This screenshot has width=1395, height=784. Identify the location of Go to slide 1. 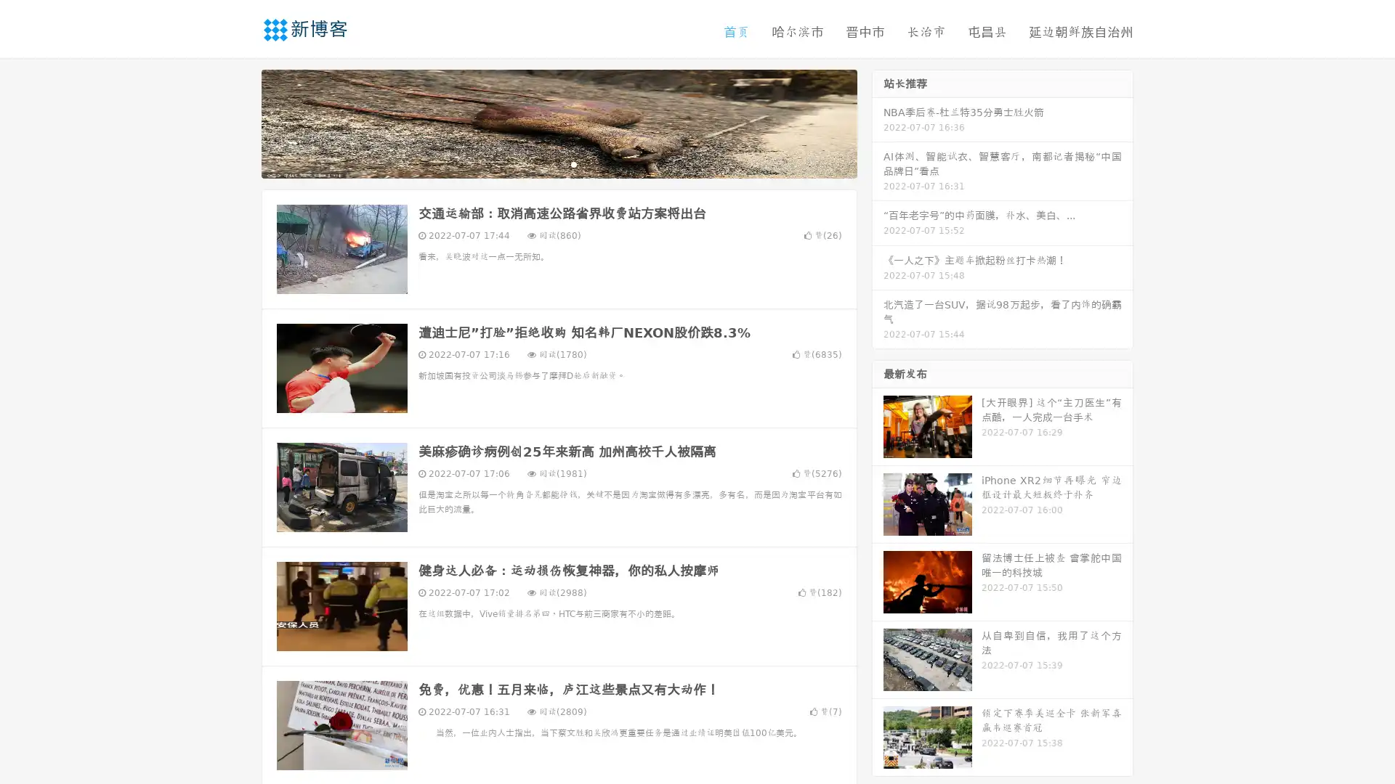
(543, 163).